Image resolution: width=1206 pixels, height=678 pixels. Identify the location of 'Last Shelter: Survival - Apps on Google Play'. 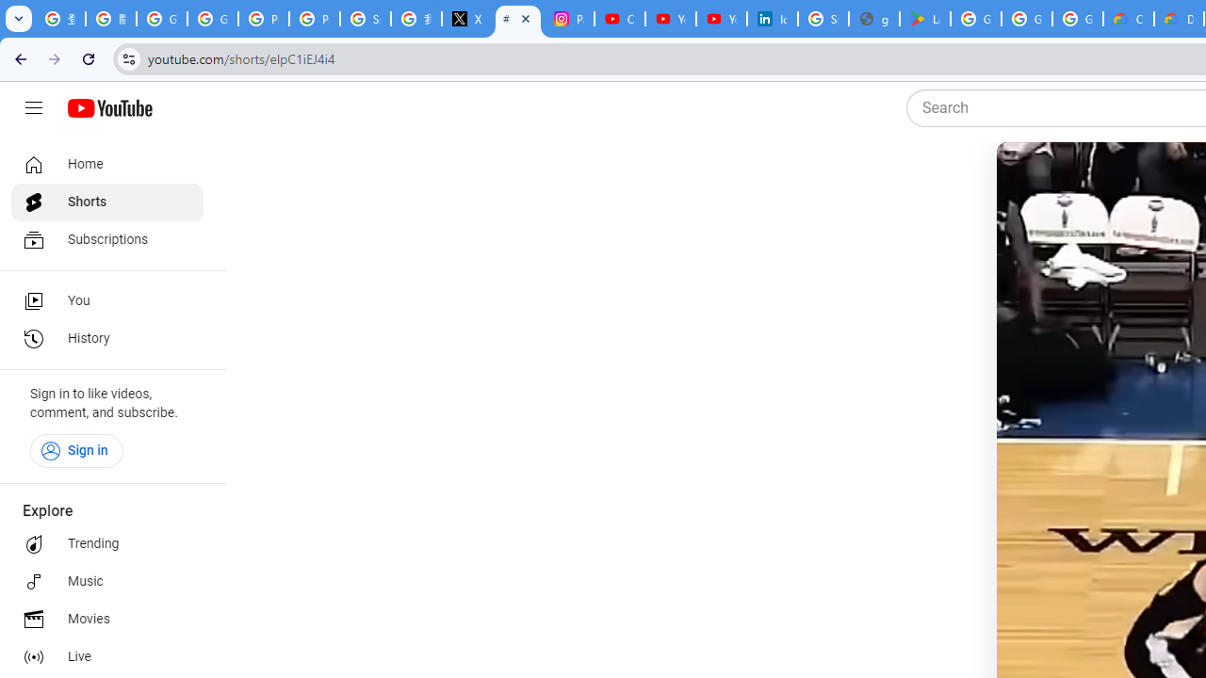
(924, 19).